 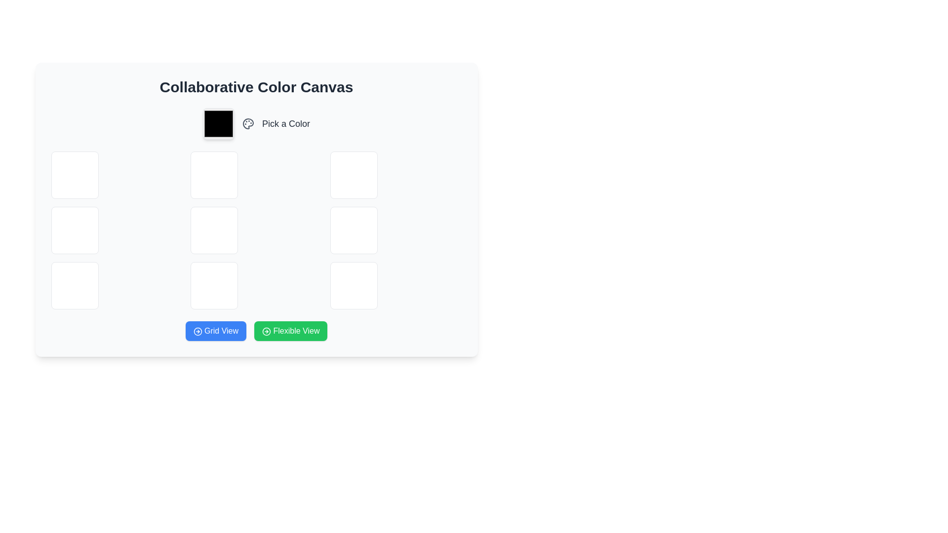 I want to click on the 'Grid View' button that contains the icon on its left side, which serves as an interactive element for grid layout display, so click(x=197, y=331).